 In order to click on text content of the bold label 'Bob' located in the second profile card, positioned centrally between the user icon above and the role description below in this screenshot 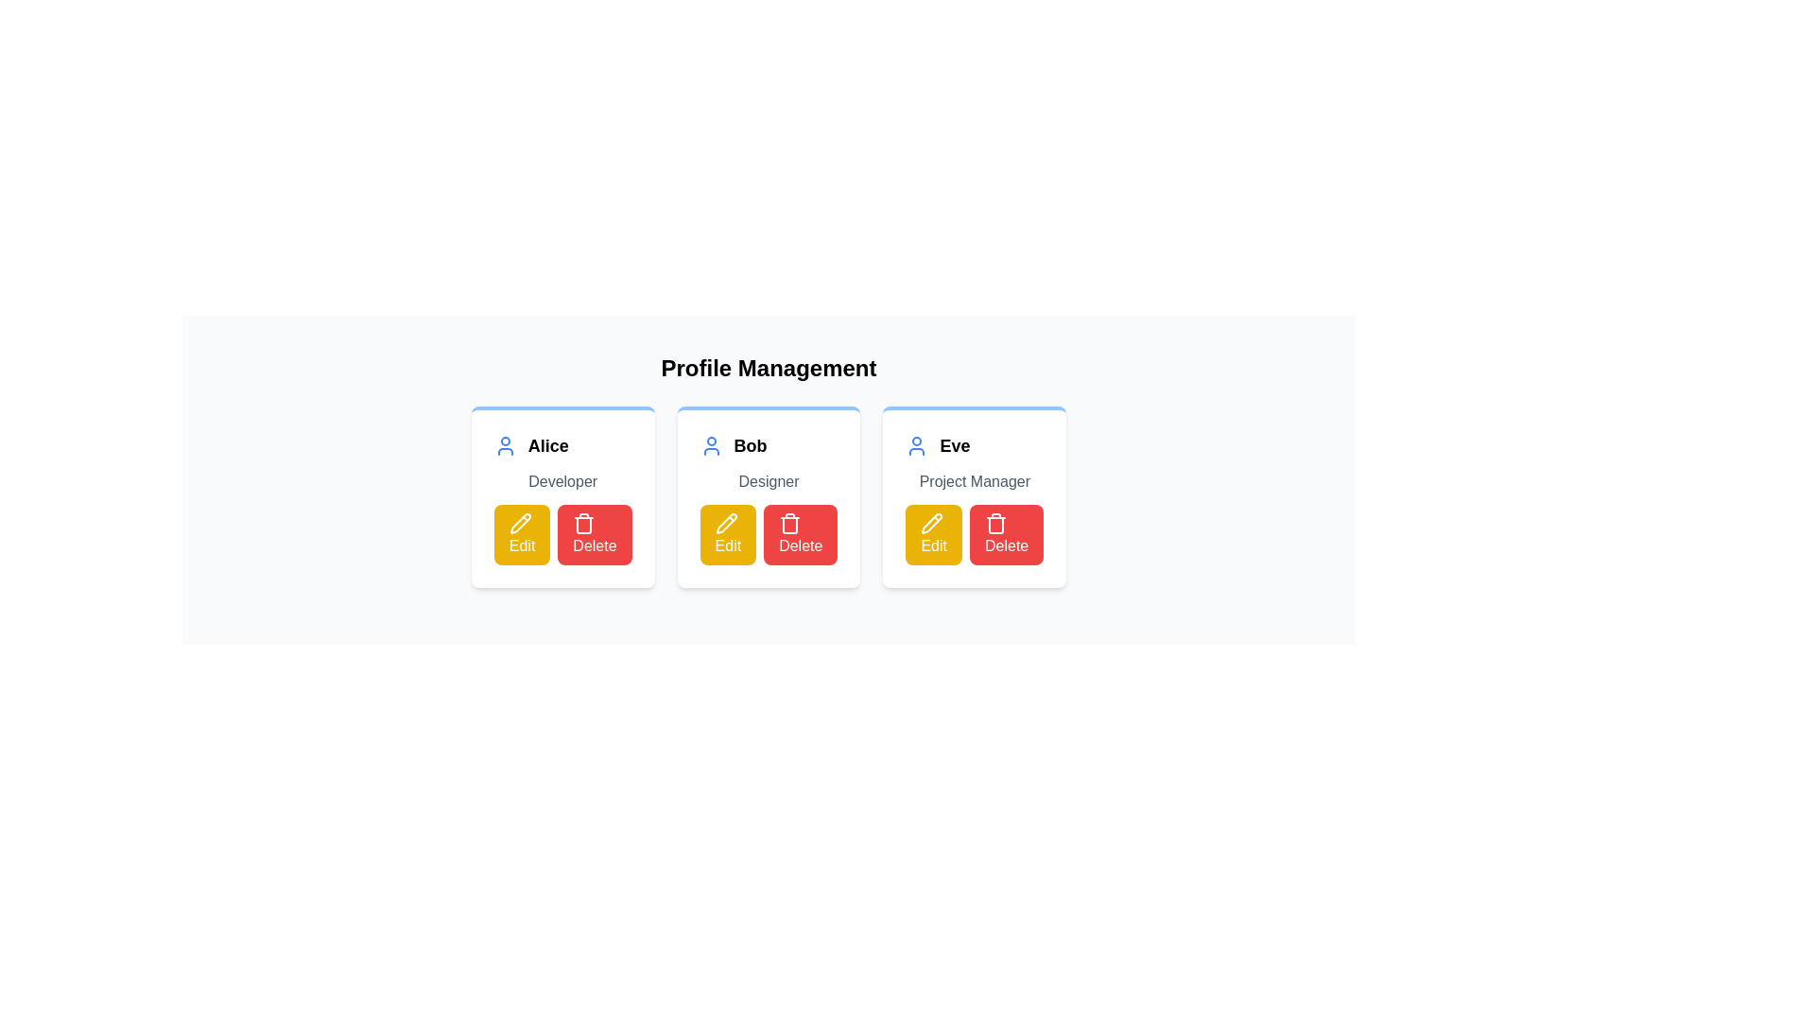, I will do `click(750, 445)`.